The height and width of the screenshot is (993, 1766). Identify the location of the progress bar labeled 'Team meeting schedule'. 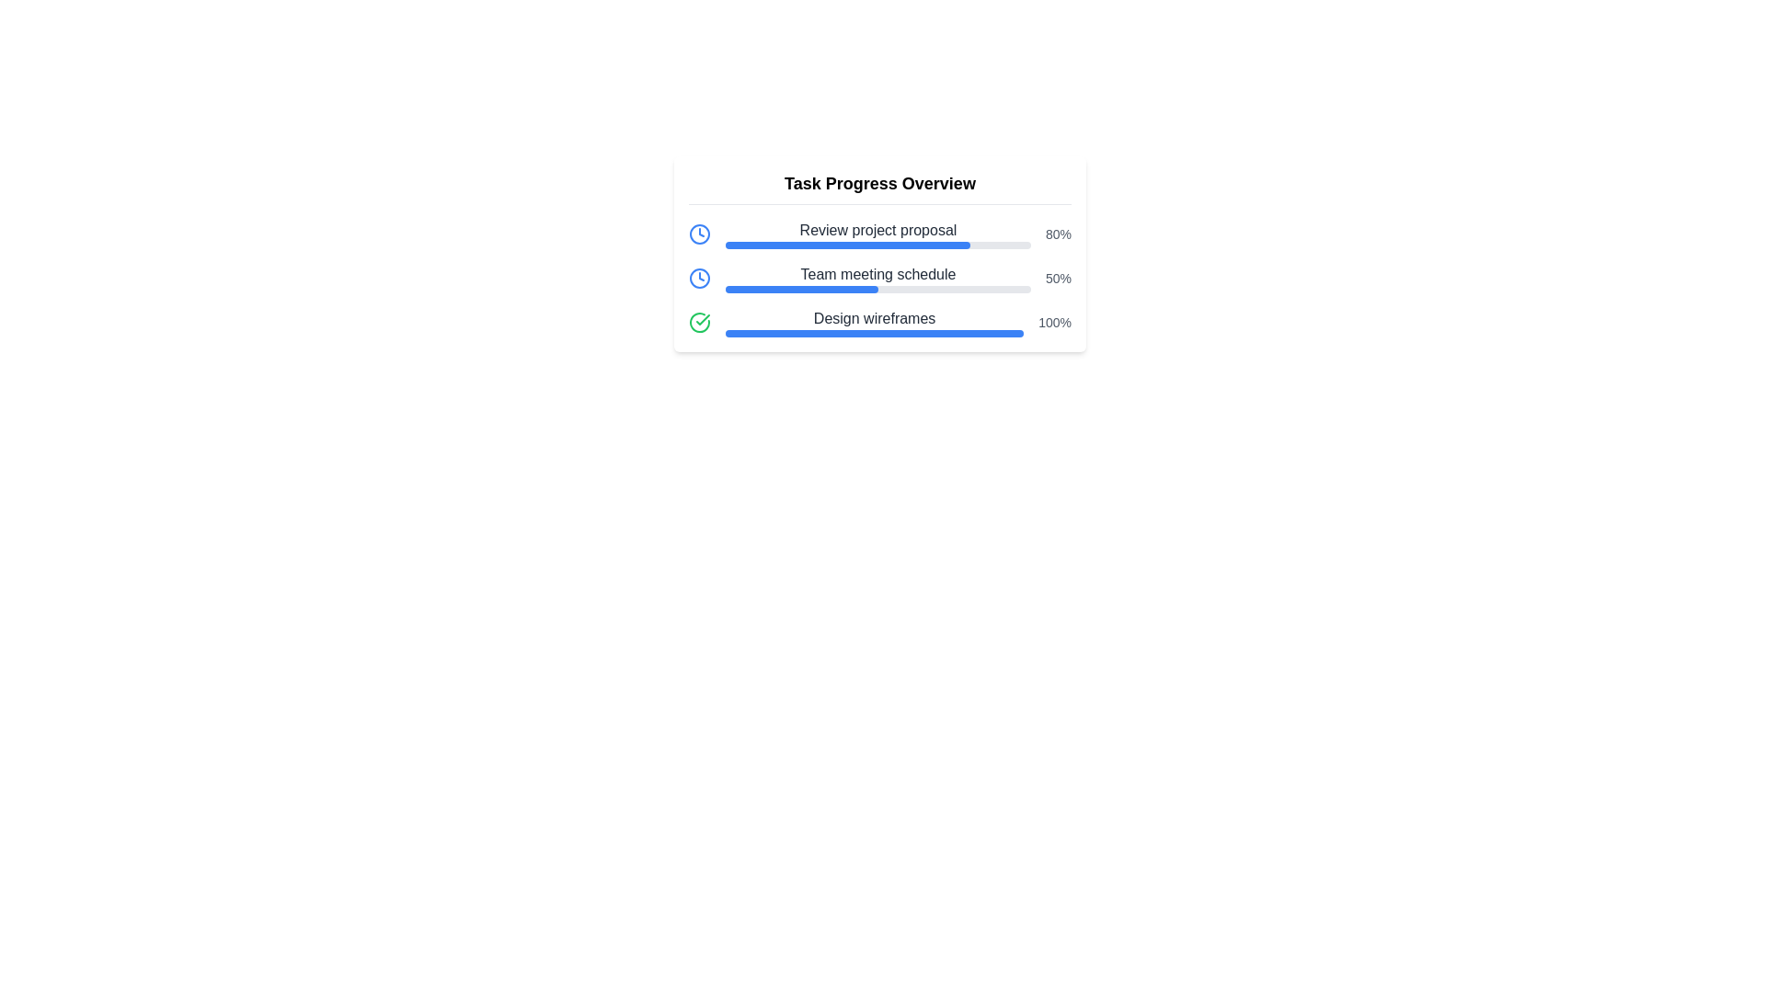
(877, 279).